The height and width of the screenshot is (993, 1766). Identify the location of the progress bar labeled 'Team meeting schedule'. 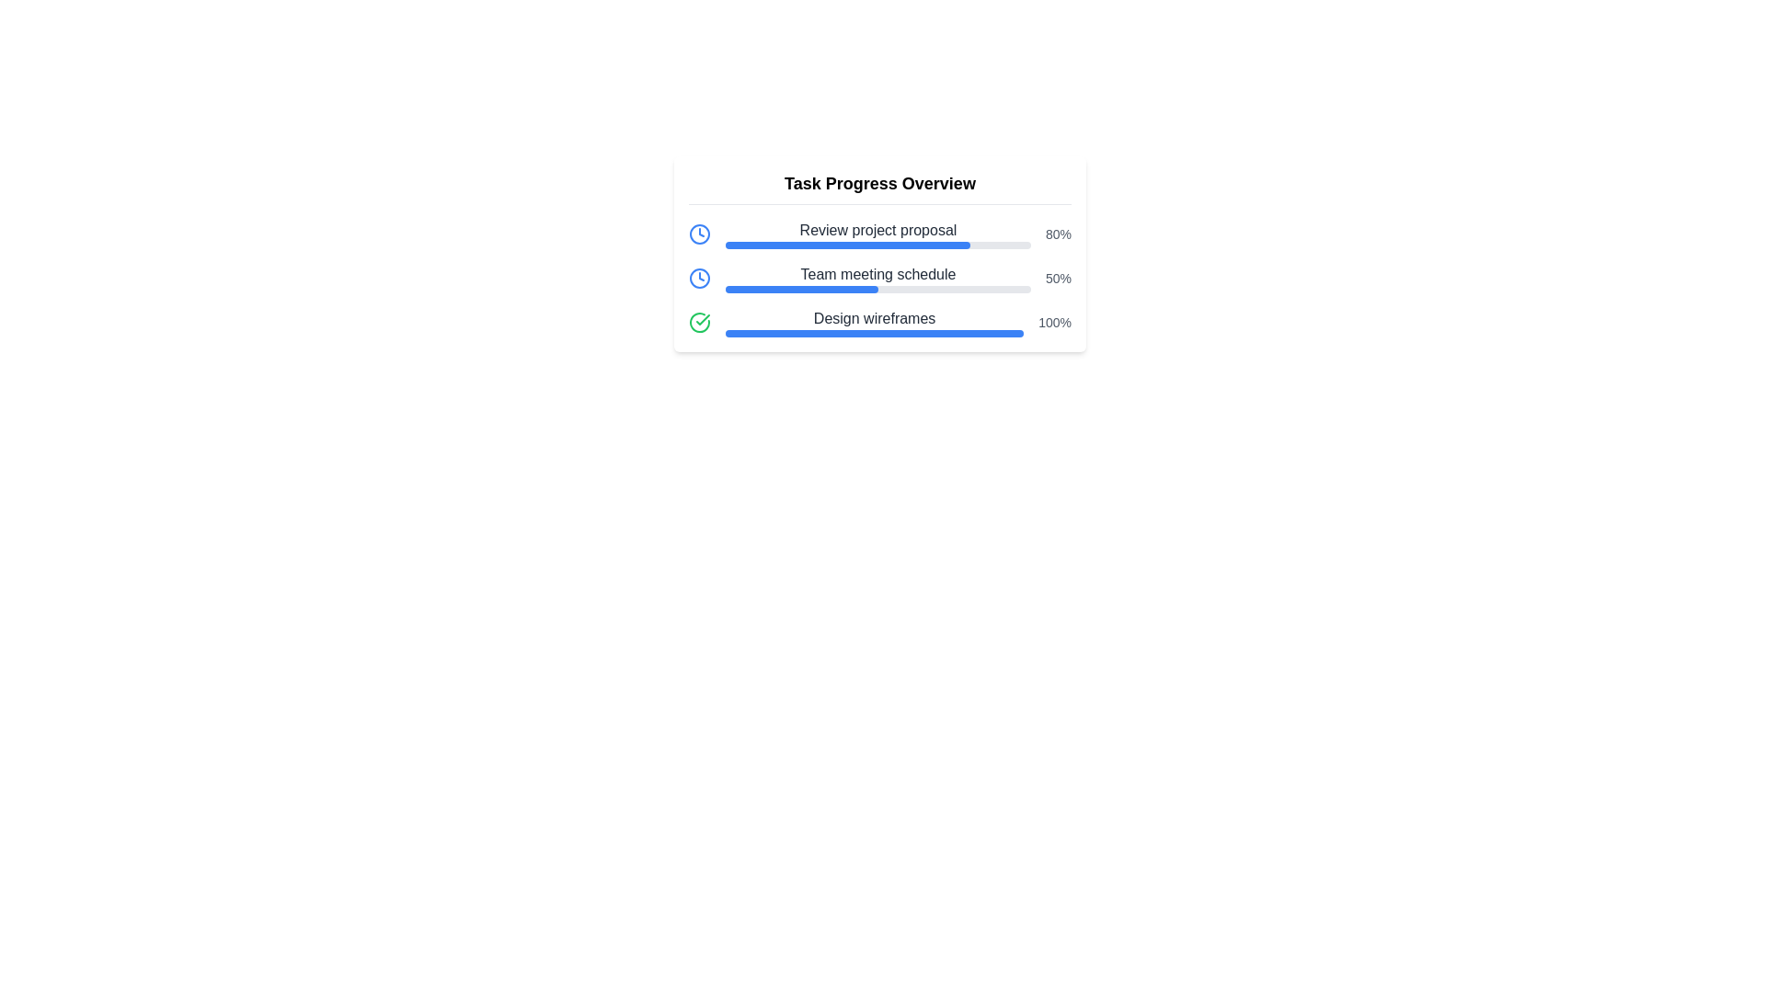
(877, 279).